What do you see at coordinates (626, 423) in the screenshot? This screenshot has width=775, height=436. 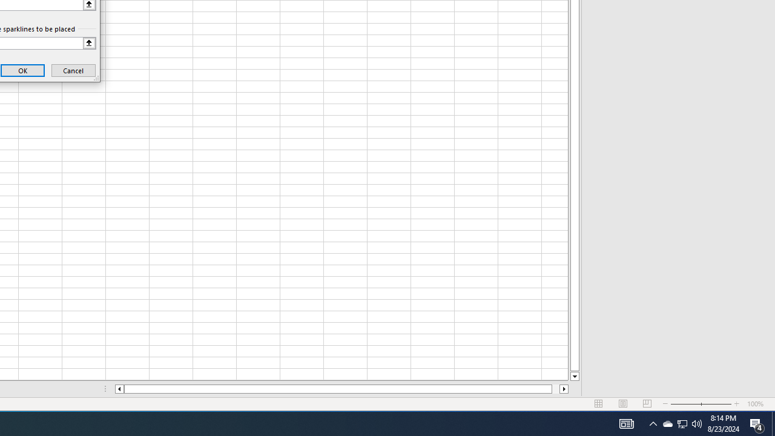 I see `'AutomationID: 4105'` at bounding box center [626, 423].